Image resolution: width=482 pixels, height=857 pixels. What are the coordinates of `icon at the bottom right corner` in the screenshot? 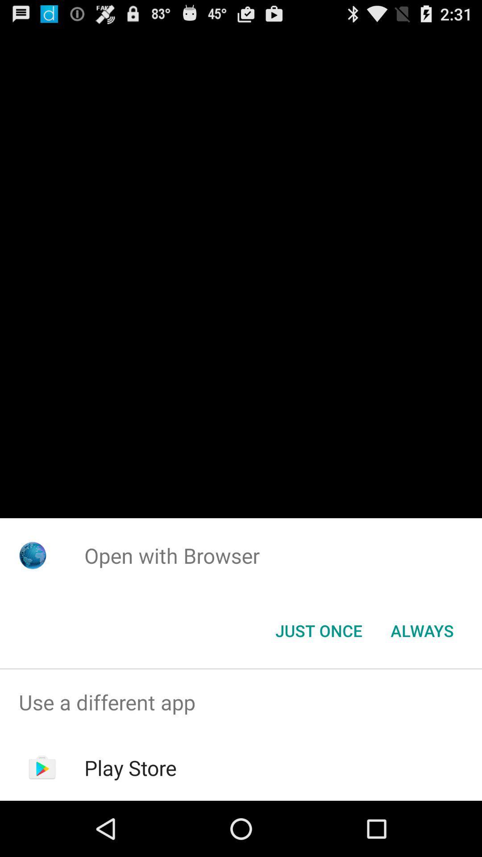 It's located at (422, 630).